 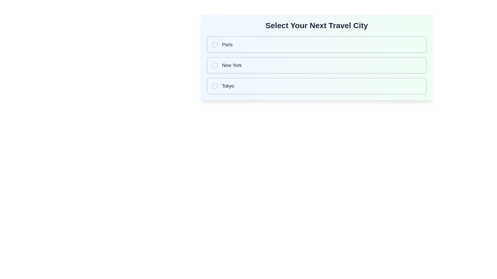 I want to click on the radiogroup for selecting one city among the options 'Paris', 'New York', or 'Tokyo' for visual feedback, so click(x=316, y=65).